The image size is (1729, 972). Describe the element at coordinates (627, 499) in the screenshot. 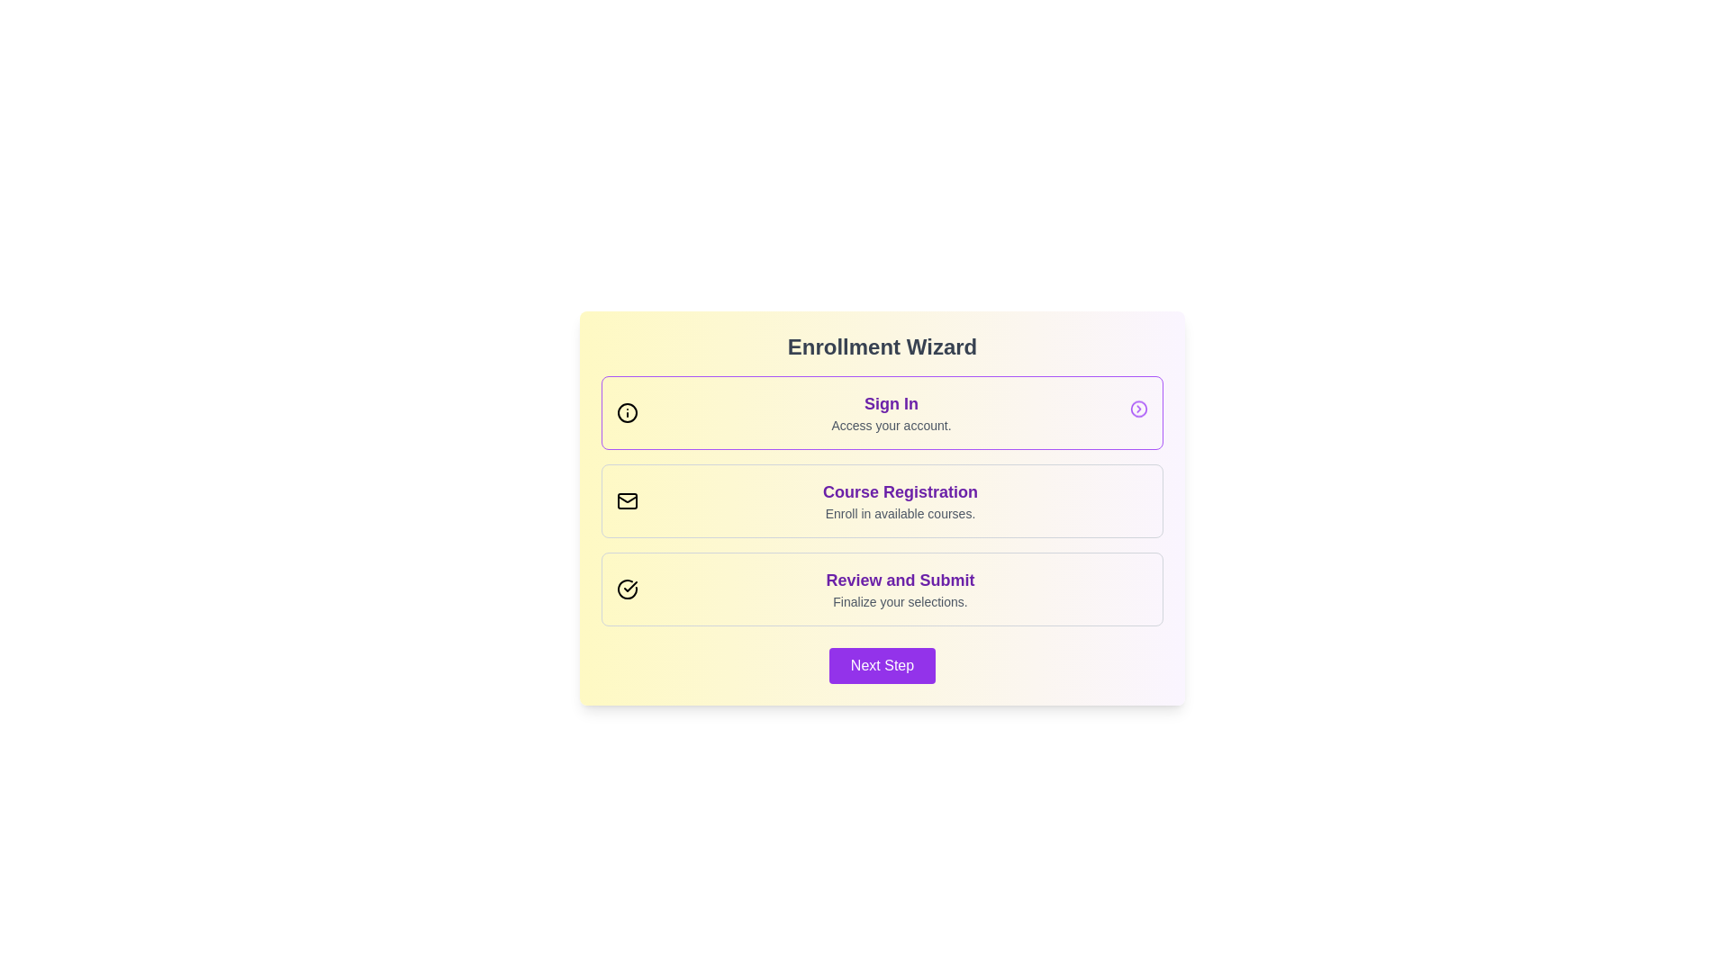

I see `the envelope icon located in the 'Course Registration' section` at that location.